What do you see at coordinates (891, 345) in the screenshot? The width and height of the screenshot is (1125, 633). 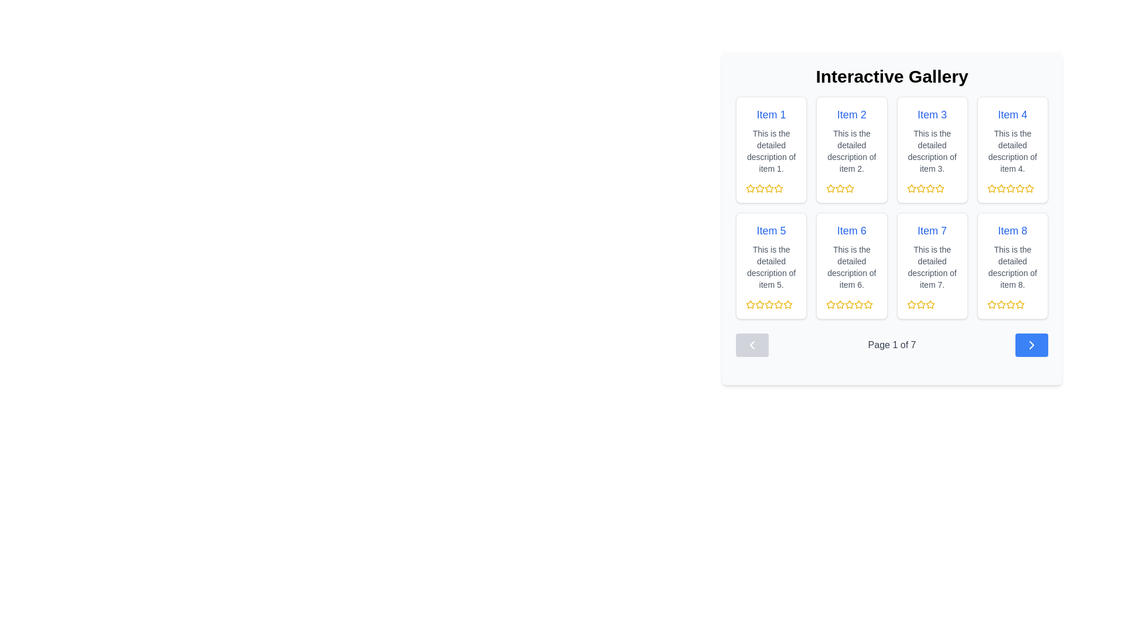 I see `the static text label indicating the current page number and total pages available in the pagination system` at bounding box center [891, 345].